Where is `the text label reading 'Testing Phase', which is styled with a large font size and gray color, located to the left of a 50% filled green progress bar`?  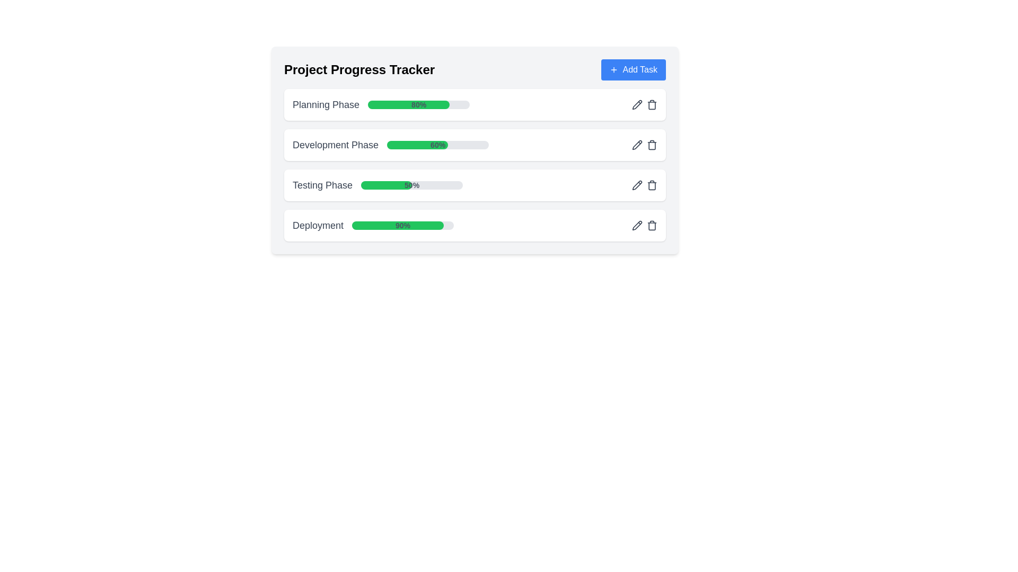 the text label reading 'Testing Phase', which is styled with a large font size and gray color, located to the left of a 50% filled green progress bar is located at coordinates (322, 185).